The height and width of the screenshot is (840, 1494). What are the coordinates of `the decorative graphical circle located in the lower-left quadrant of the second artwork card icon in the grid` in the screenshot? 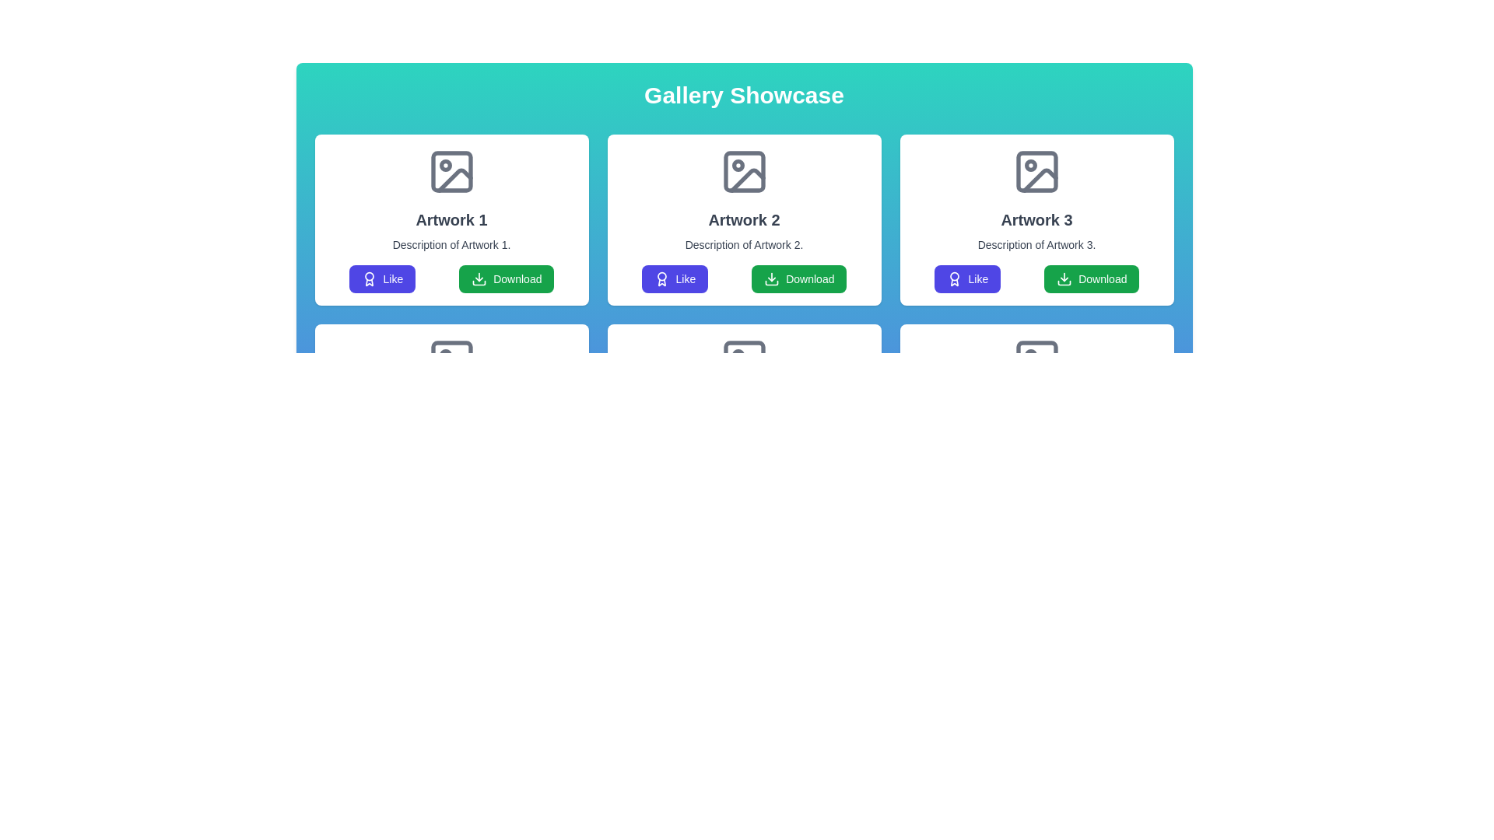 It's located at (444, 355).